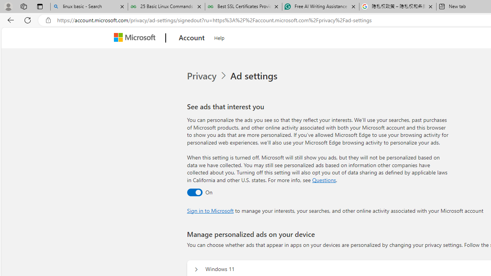 This screenshot has width=491, height=276. I want to click on 'Ad settings', so click(255, 76).